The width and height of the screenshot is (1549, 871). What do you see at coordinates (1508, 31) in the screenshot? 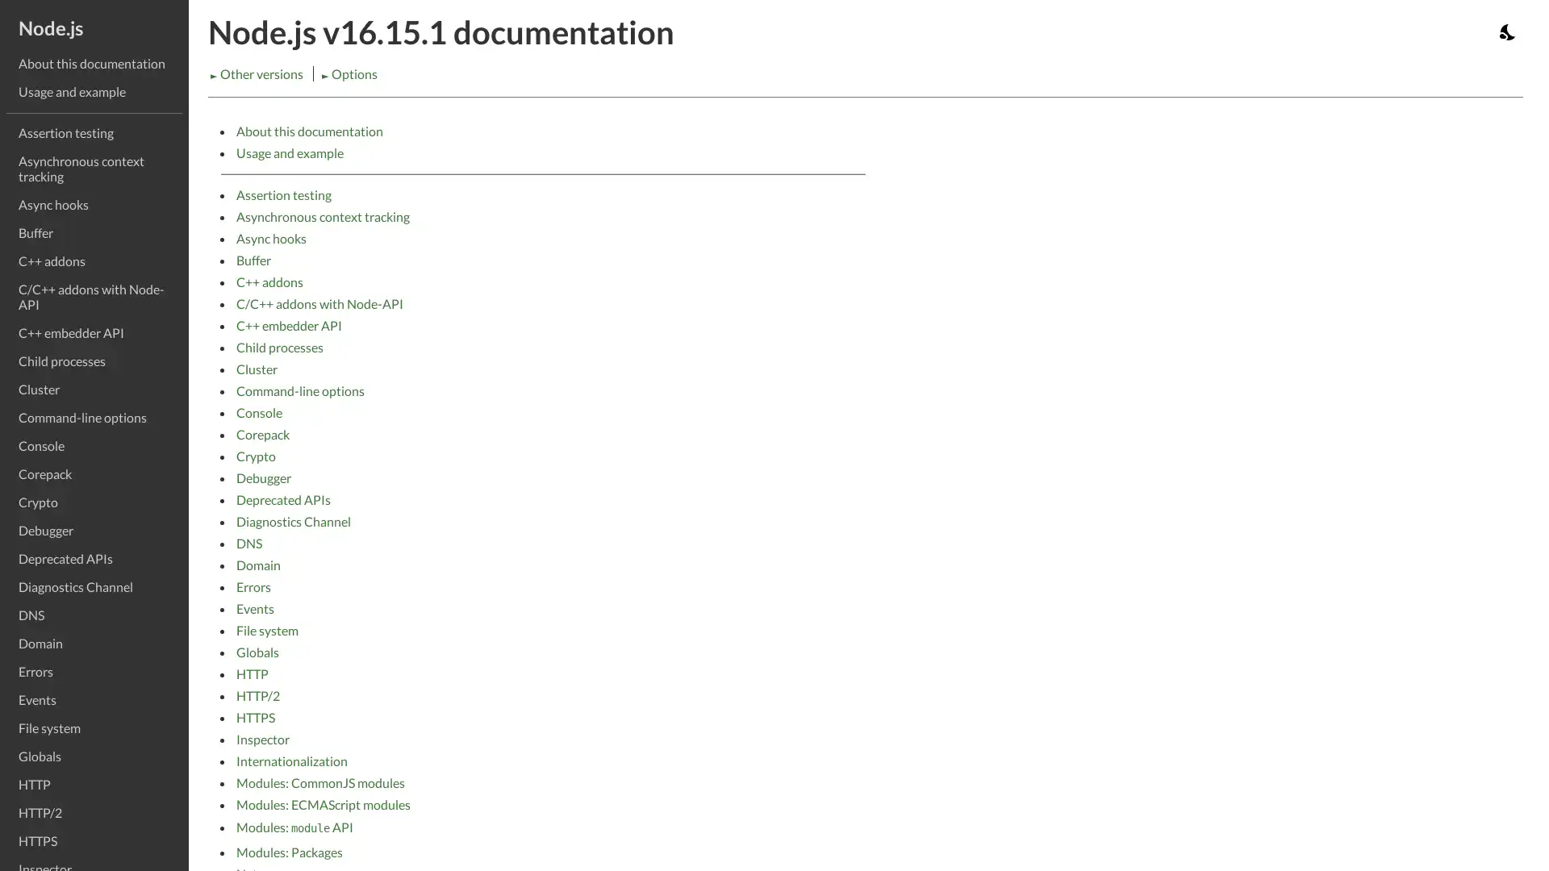
I see `Toggle dark mode/light mode` at bounding box center [1508, 31].